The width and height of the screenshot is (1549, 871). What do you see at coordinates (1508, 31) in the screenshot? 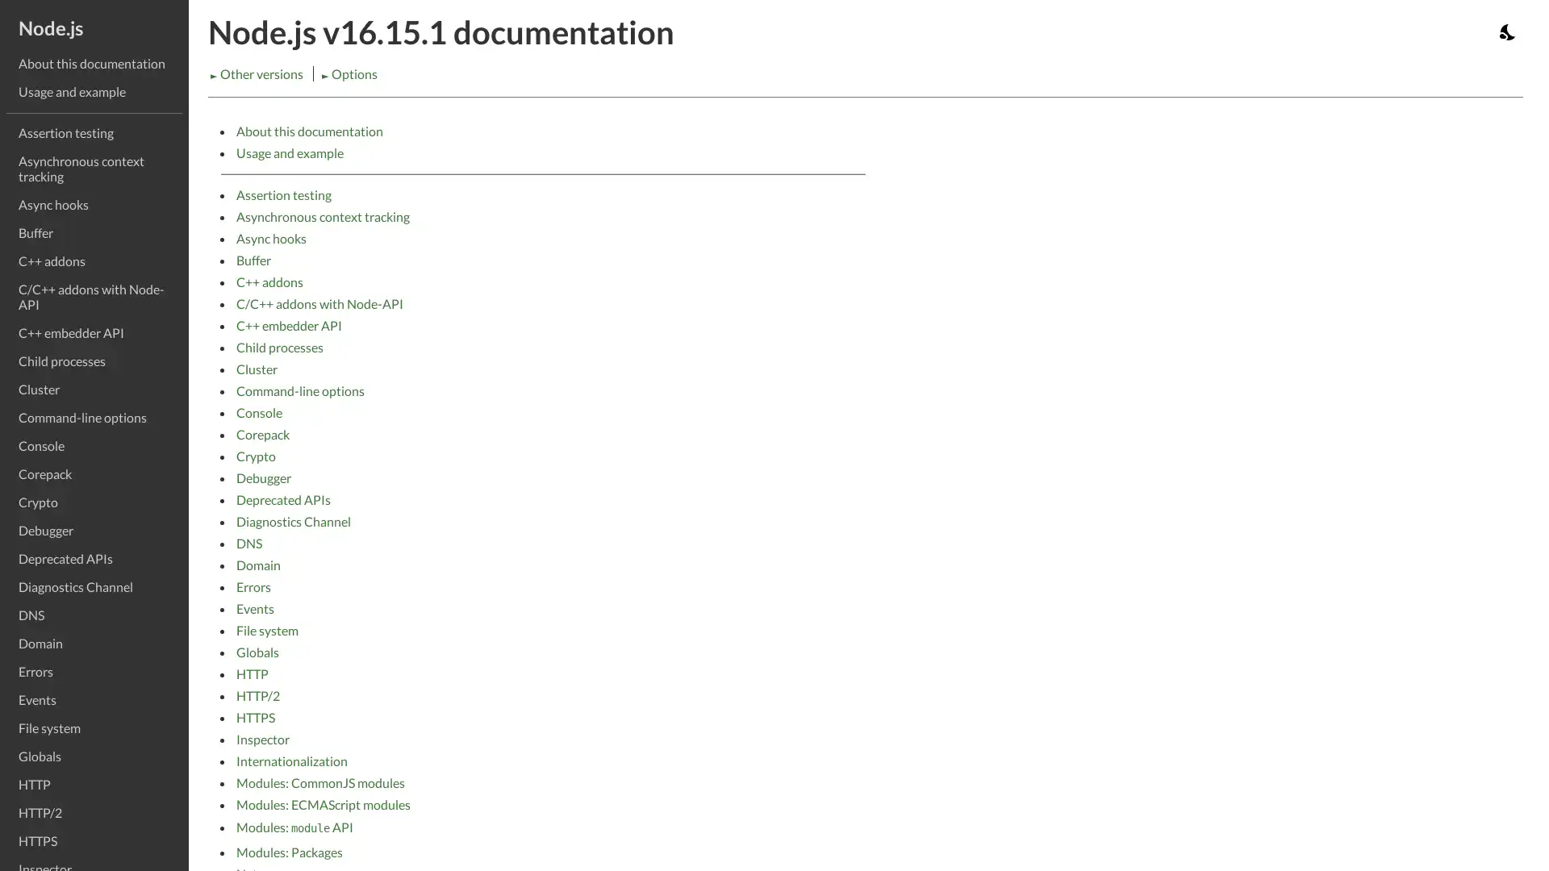
I see `Toggle dark mode/light mode` at bounding box center [1508, 31].